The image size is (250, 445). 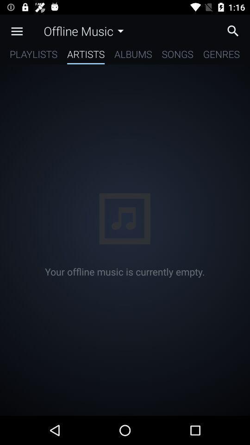 What do you see at coordinates (221, 56) in the screenshot?
I see `the genres app` at bounding box center [221, 56].